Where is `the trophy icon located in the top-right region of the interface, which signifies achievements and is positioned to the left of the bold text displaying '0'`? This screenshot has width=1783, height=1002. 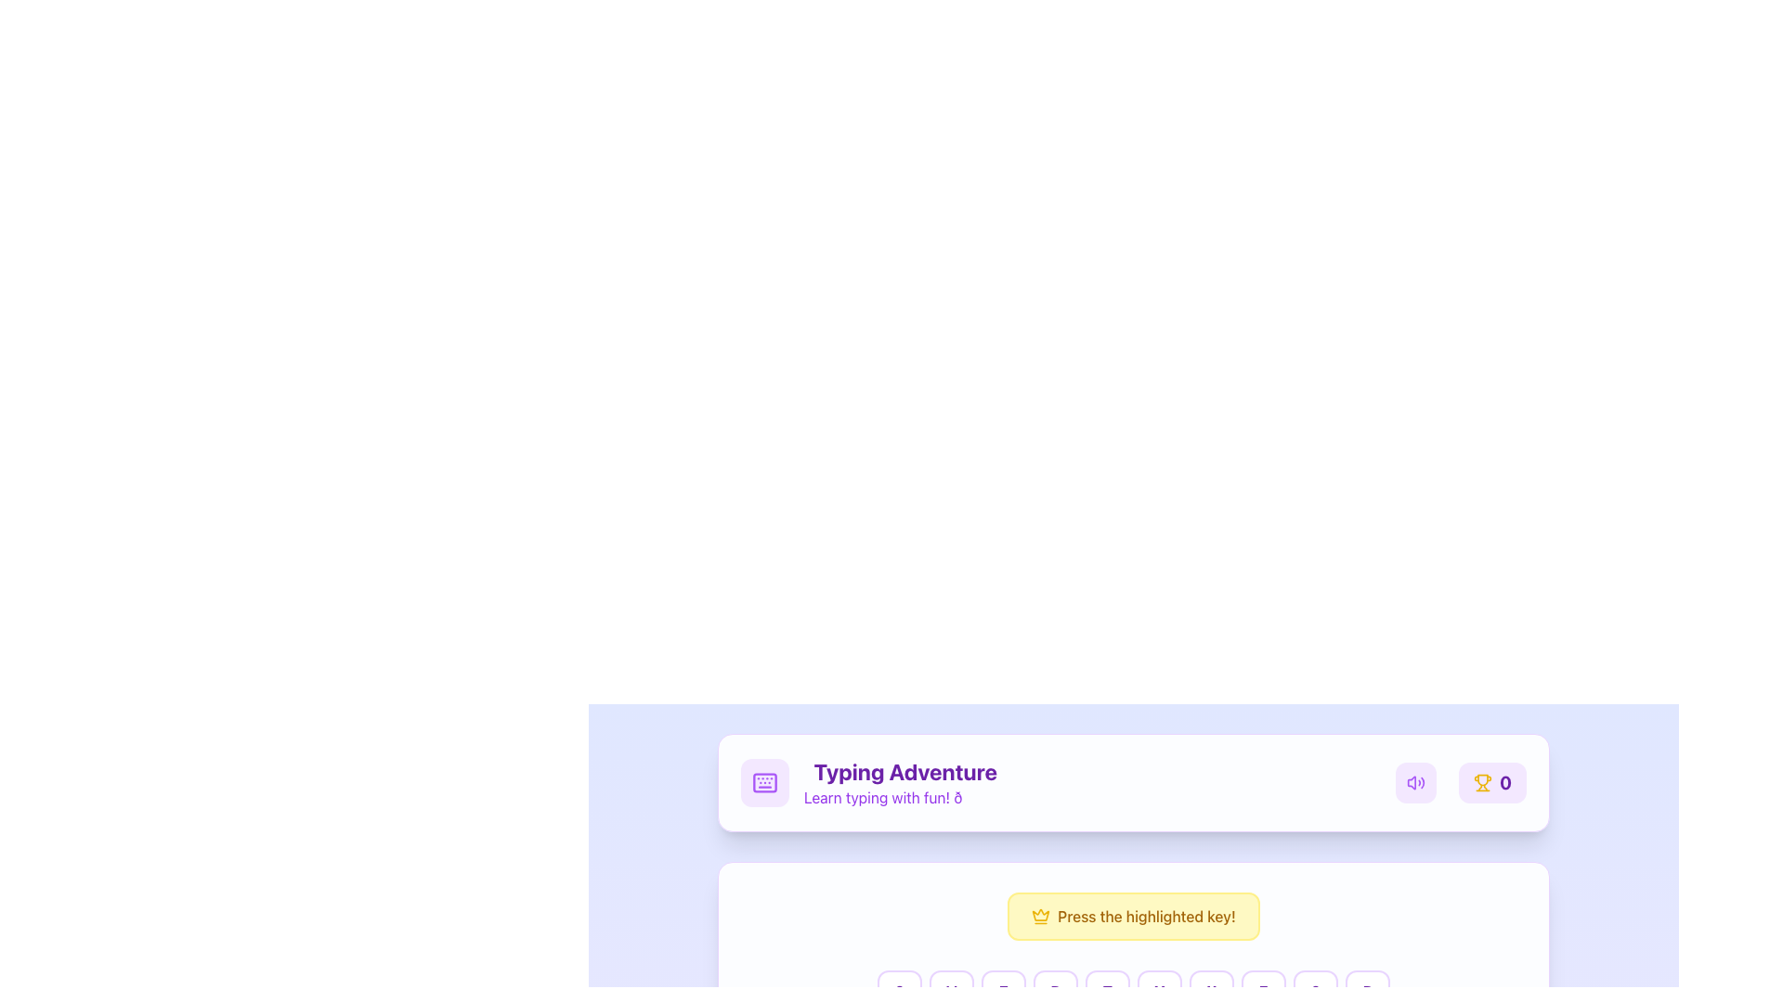 the trophy icon located in the top-right region of the interface, which signifies achievements and is positioned to the left of the bold text displaying '0' is located at coordinates (1481, 783).